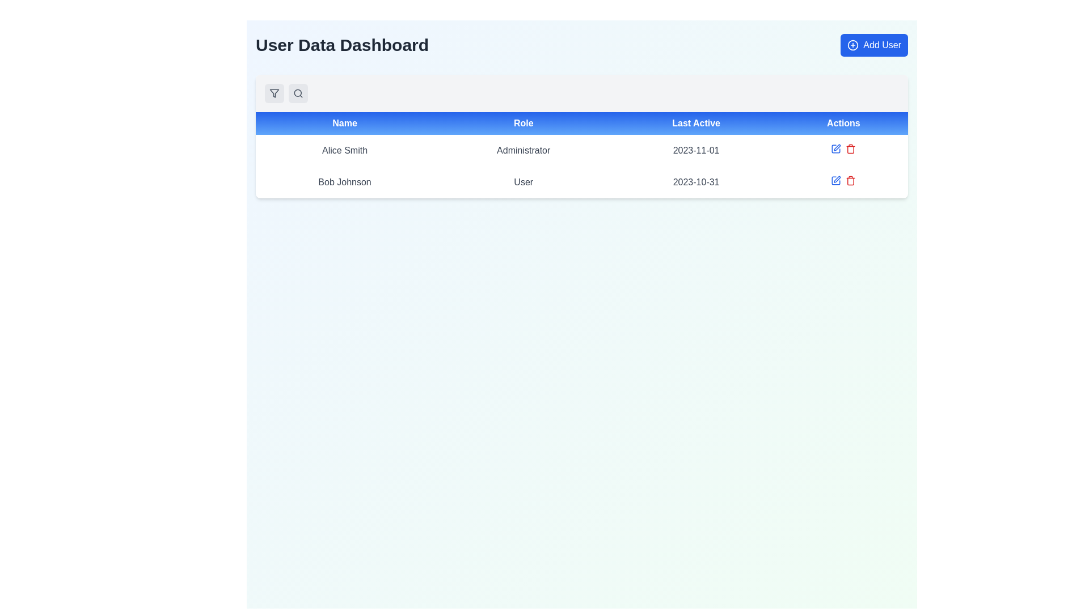  Describe the element at coordinates (836, 180) in the screenshot. I see `the edit action icon in the 'Actions' column of the second row of the table to initiate editing of the user's details` at that location.